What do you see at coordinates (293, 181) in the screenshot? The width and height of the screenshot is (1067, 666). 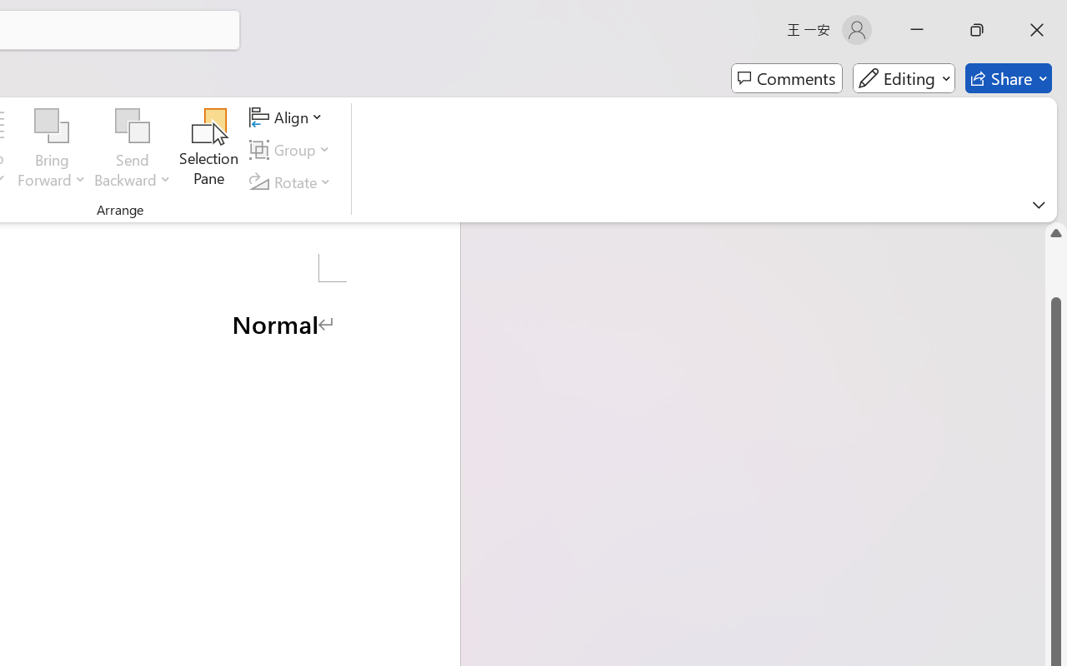 I see `'Rotate'` at bounding box center [293, 181].